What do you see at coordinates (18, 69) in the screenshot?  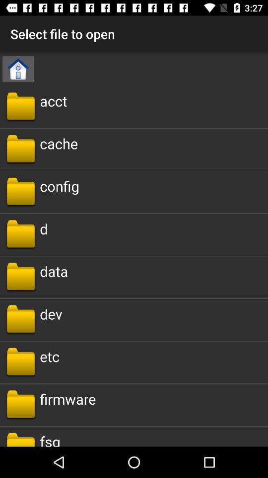 I see `go home` at bounding box center [18, 69].